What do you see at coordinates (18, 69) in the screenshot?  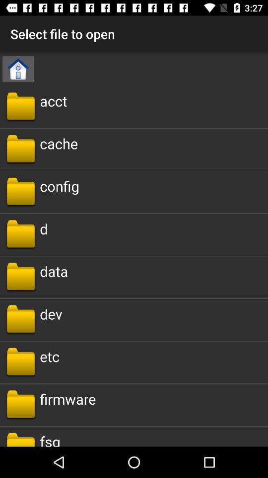 I see `go home` at bounding box center [18, 69].